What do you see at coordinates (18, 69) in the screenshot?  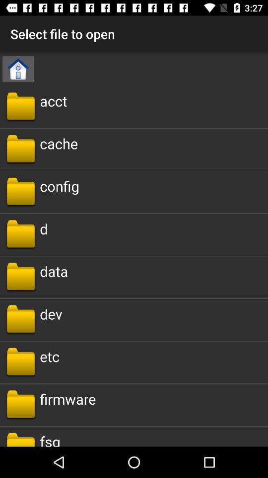 I see `go home` at bounding box center [18, 69].